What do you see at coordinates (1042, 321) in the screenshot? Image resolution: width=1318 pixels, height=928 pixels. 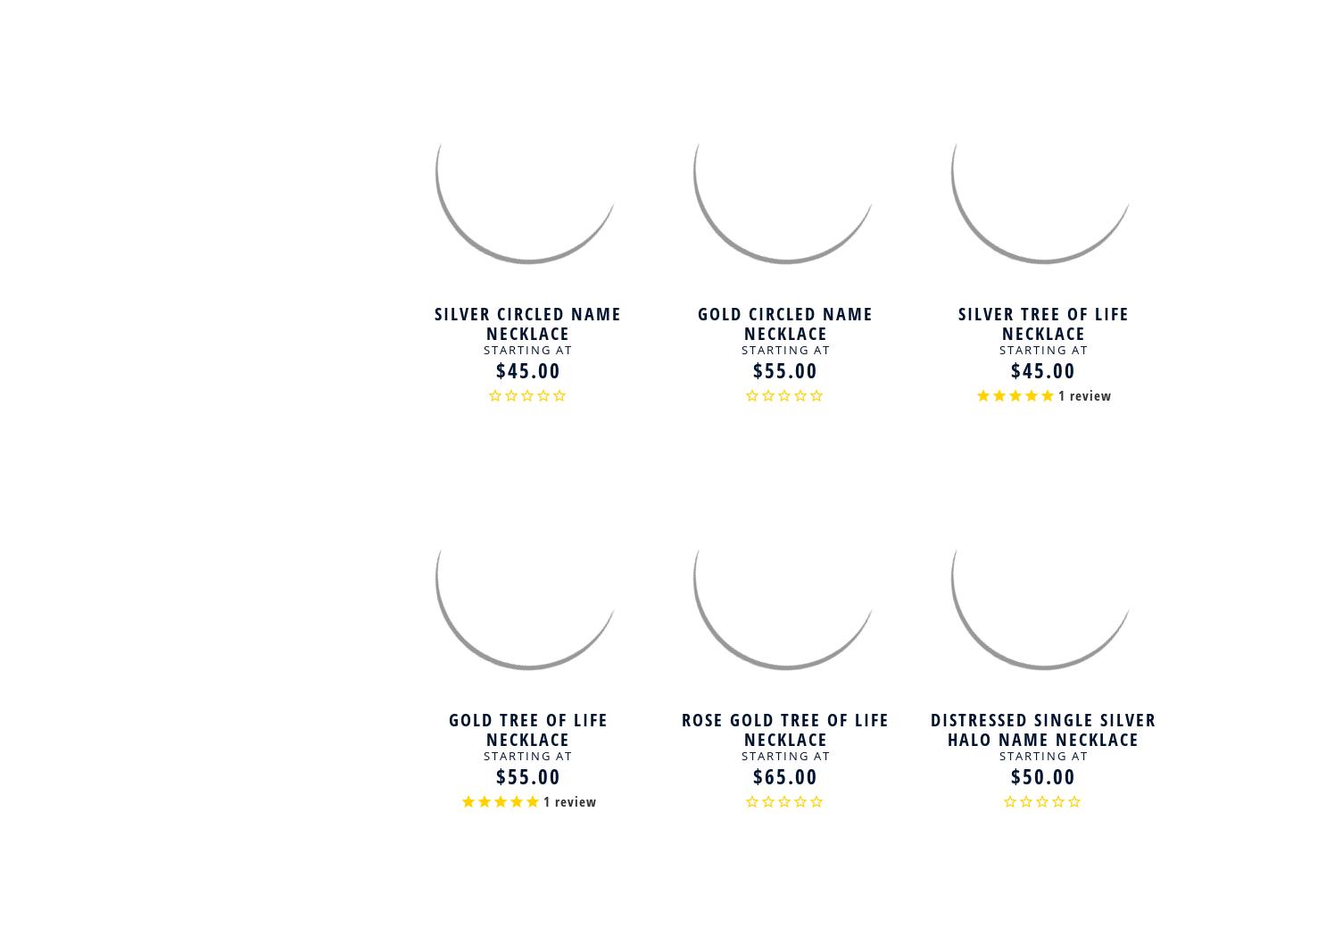 I see `'Silver Tree Of Life Necklace'` at bounding box center [1042, 321].